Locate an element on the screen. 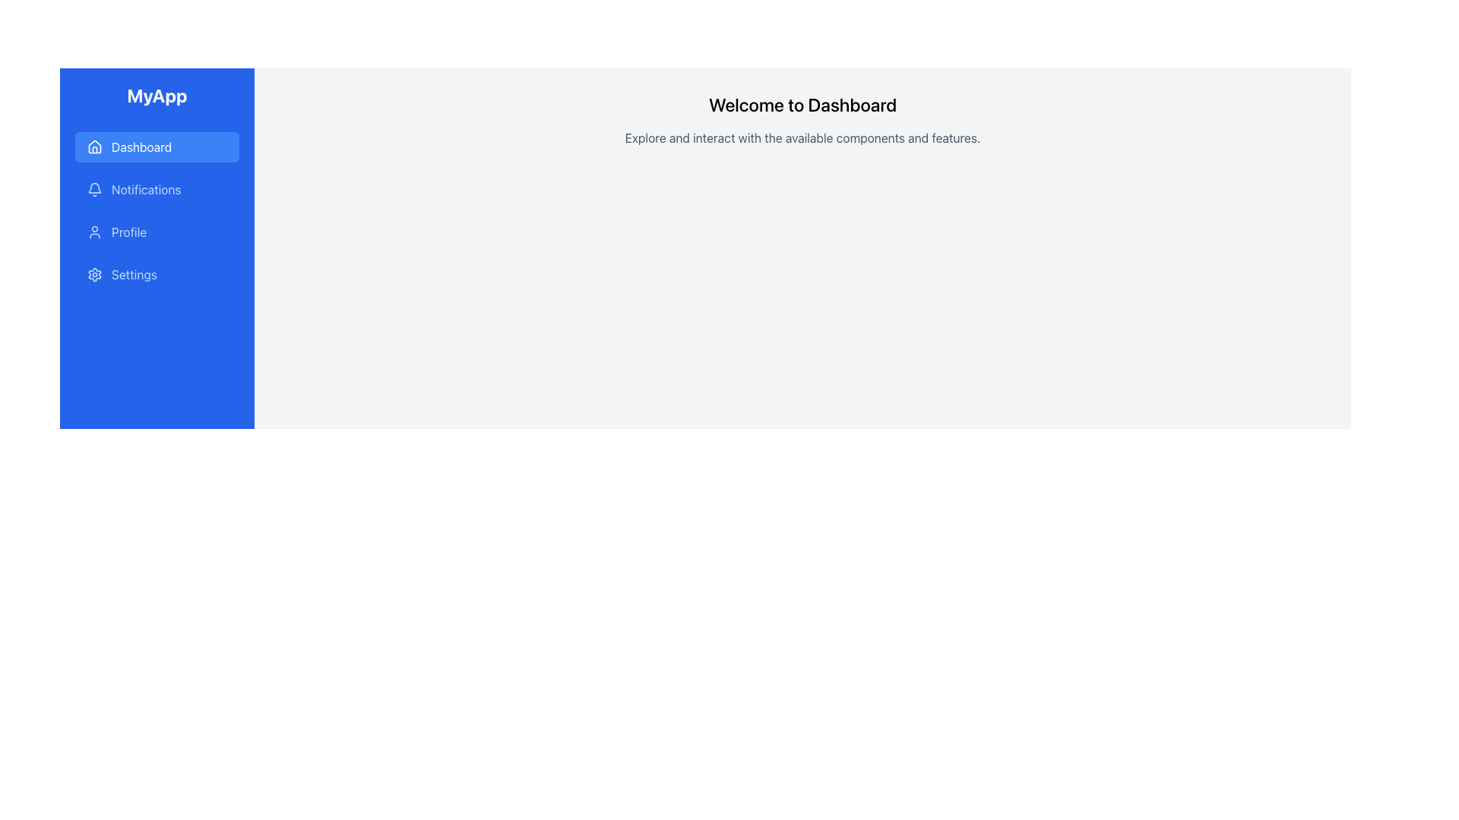  the Text label indicating the user's profile section located in the sidebar menu, positioned below 'Notifications' and above 'Settings' is located at coordinates (129, 232).